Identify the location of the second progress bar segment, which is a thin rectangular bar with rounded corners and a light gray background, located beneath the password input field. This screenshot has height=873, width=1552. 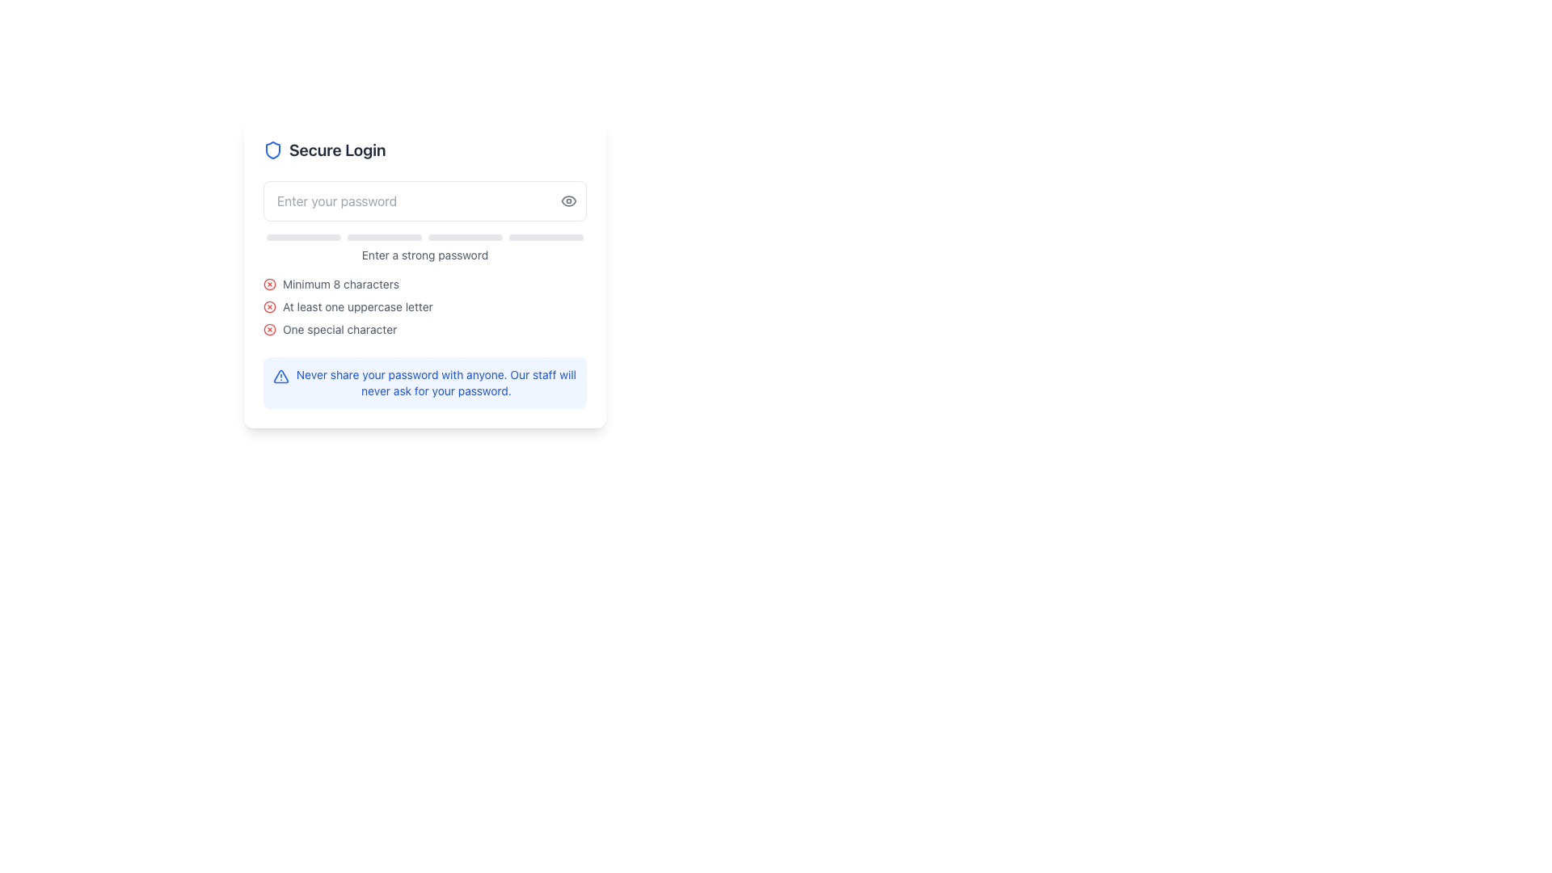
(383, 237).